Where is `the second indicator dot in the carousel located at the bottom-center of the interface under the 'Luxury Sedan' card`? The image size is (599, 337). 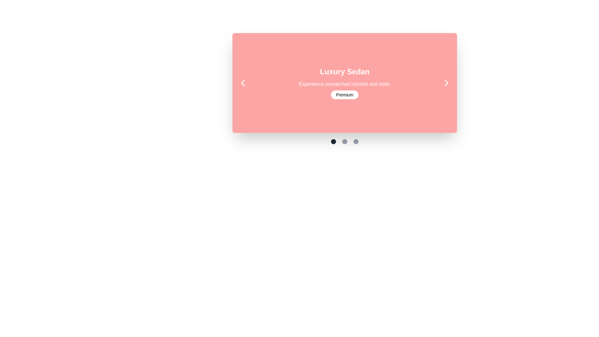
the second indicator dot in the carousel located at the bottom-center of the interface under the 'Luxury Sedan' card is located at coordinates (344, 142).